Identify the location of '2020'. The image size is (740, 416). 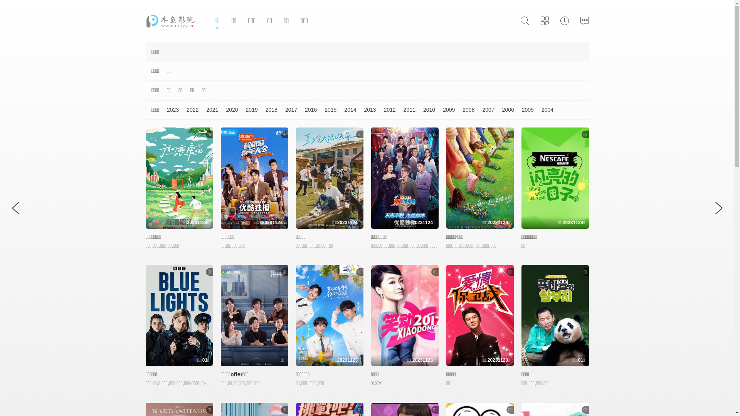
(227, 110).